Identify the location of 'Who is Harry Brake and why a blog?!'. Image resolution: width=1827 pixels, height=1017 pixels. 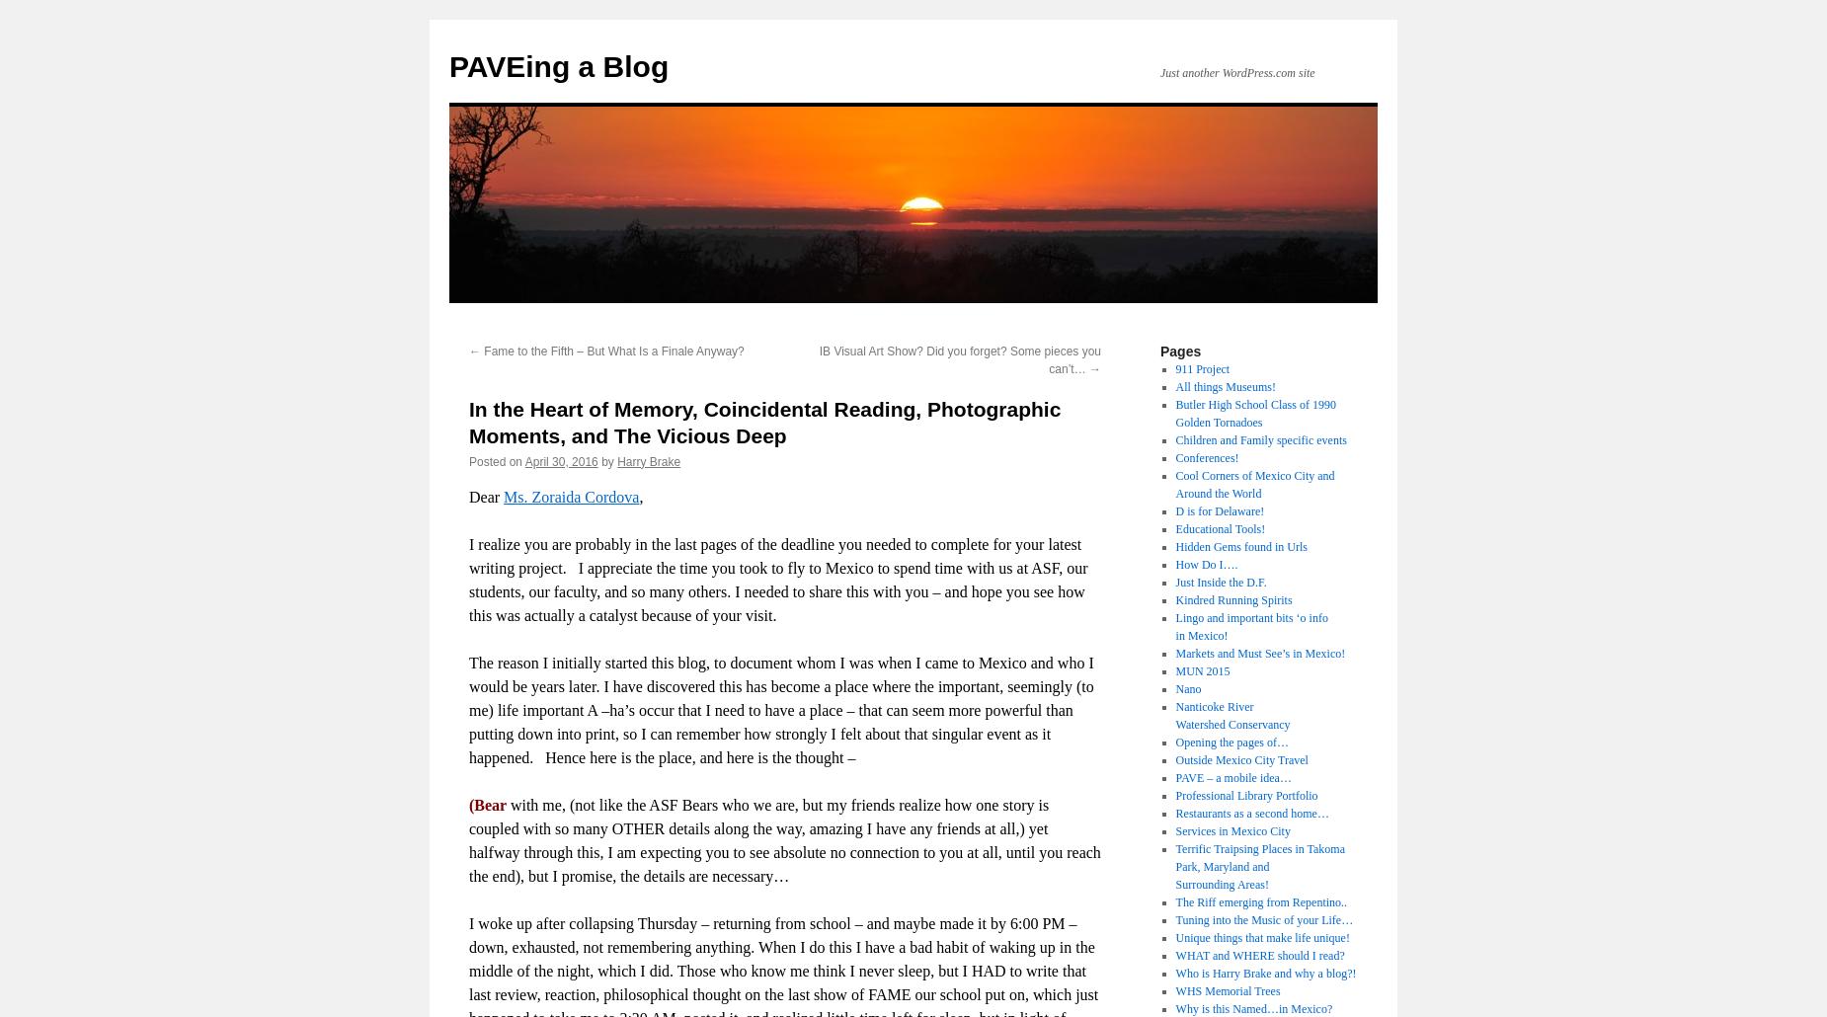
(1264, 973).